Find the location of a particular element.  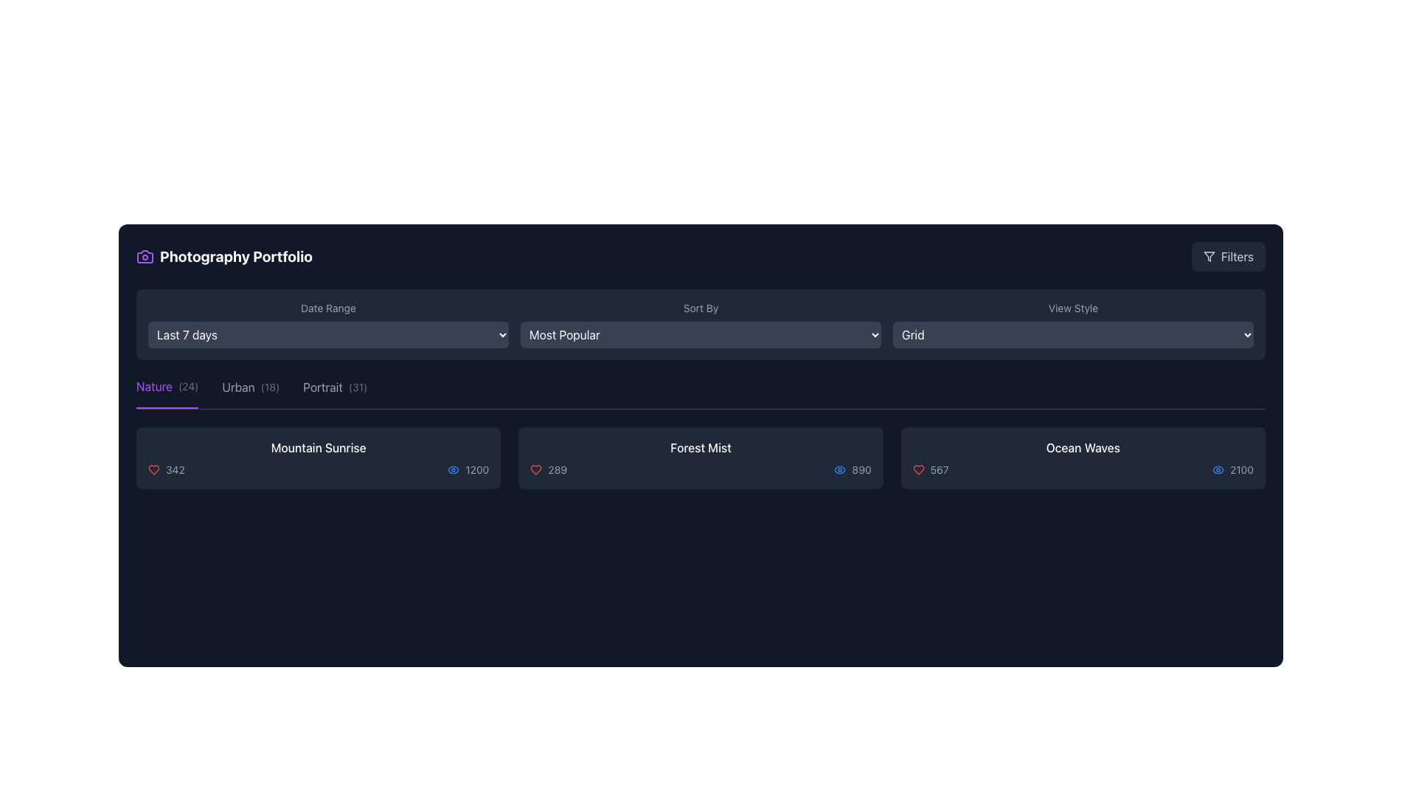

the red heart icon and text combination displaying '342' located on the left side of the horizontal bar below the title 'Mountain Sunrise' is located at coordinates (166, 469).